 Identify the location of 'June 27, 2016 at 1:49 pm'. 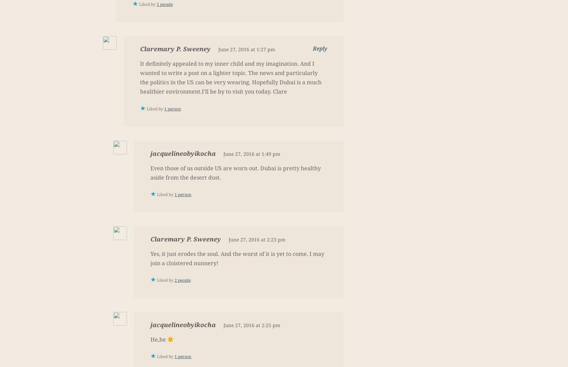
(251, 153).